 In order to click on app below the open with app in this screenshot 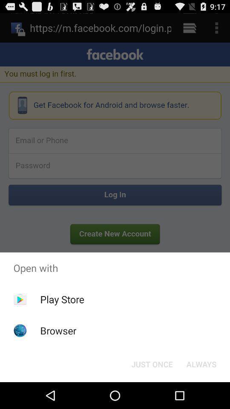, I will do `click(152, 363)`.